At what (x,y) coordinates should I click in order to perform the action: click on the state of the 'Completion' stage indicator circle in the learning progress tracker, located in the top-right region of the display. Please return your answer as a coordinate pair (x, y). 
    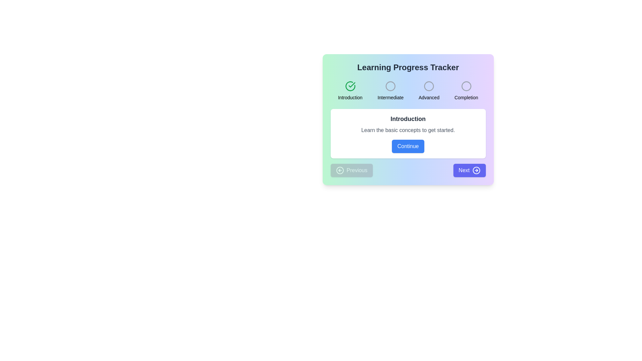
    Looking at the image, I should click on (466, 86).